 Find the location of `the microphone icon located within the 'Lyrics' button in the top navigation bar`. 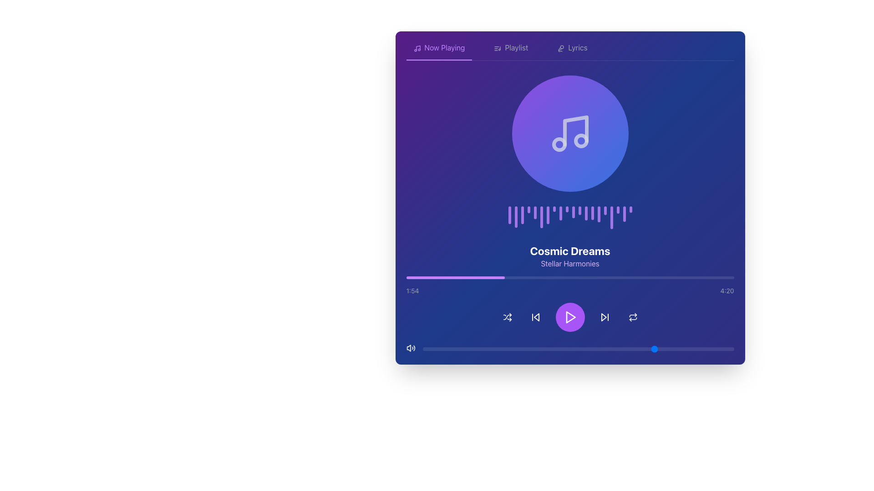

the microphone icon located within the 'Lyrics' button in the top navigation bar is located at coordinates (560, 48).